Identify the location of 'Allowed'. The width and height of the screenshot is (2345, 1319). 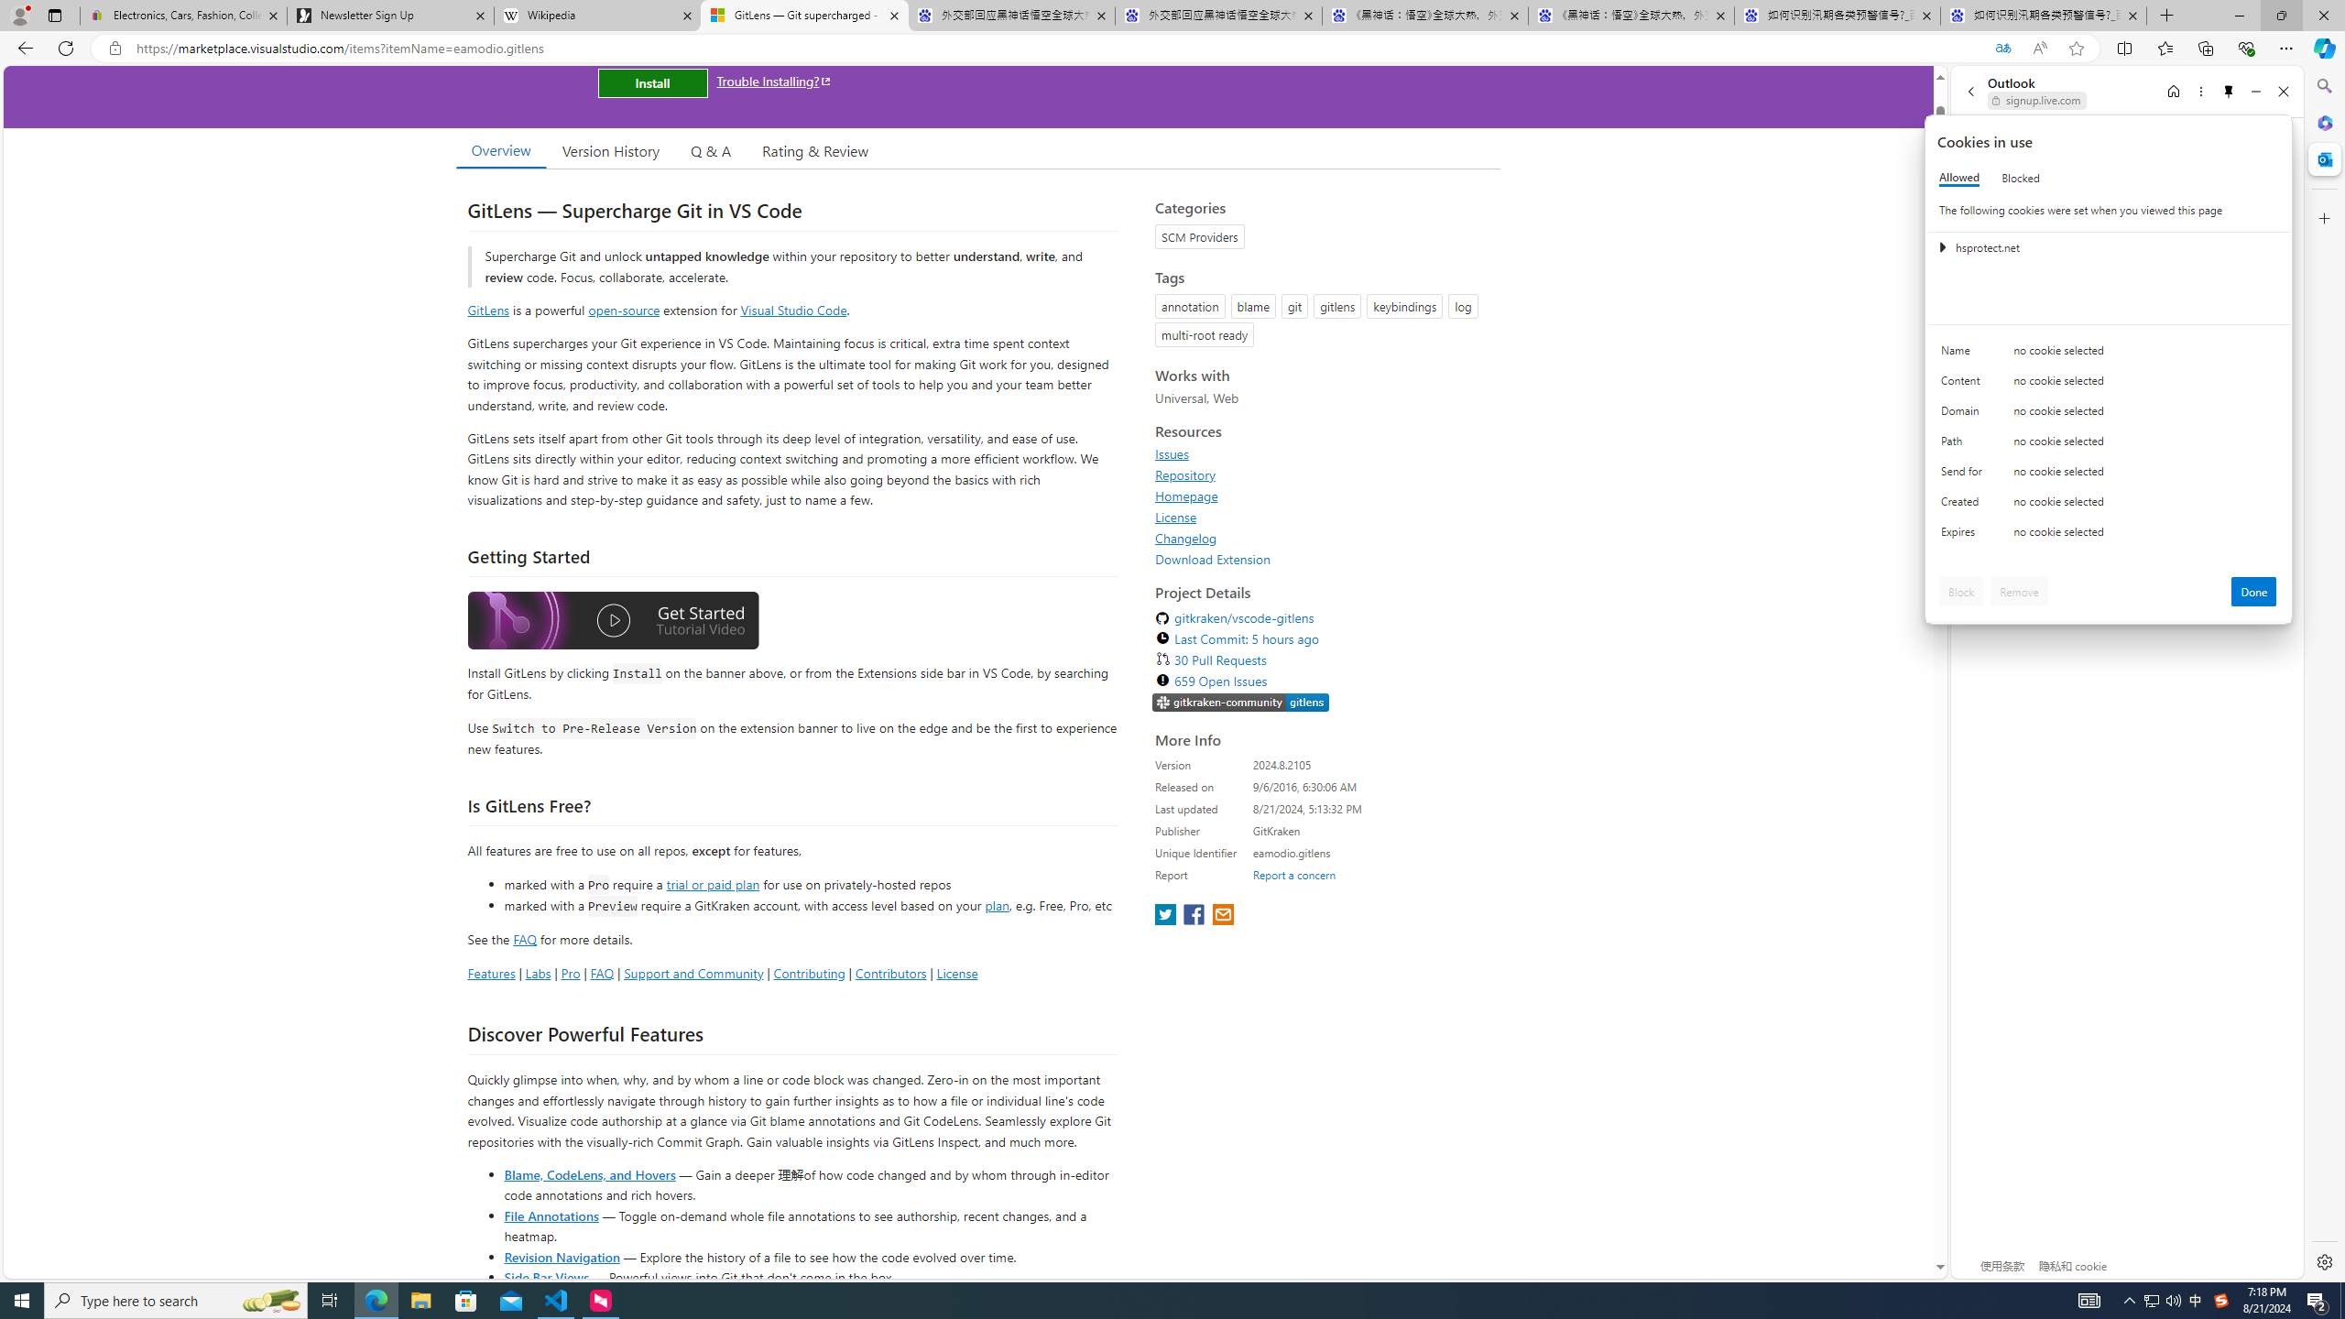
(1958, 178).